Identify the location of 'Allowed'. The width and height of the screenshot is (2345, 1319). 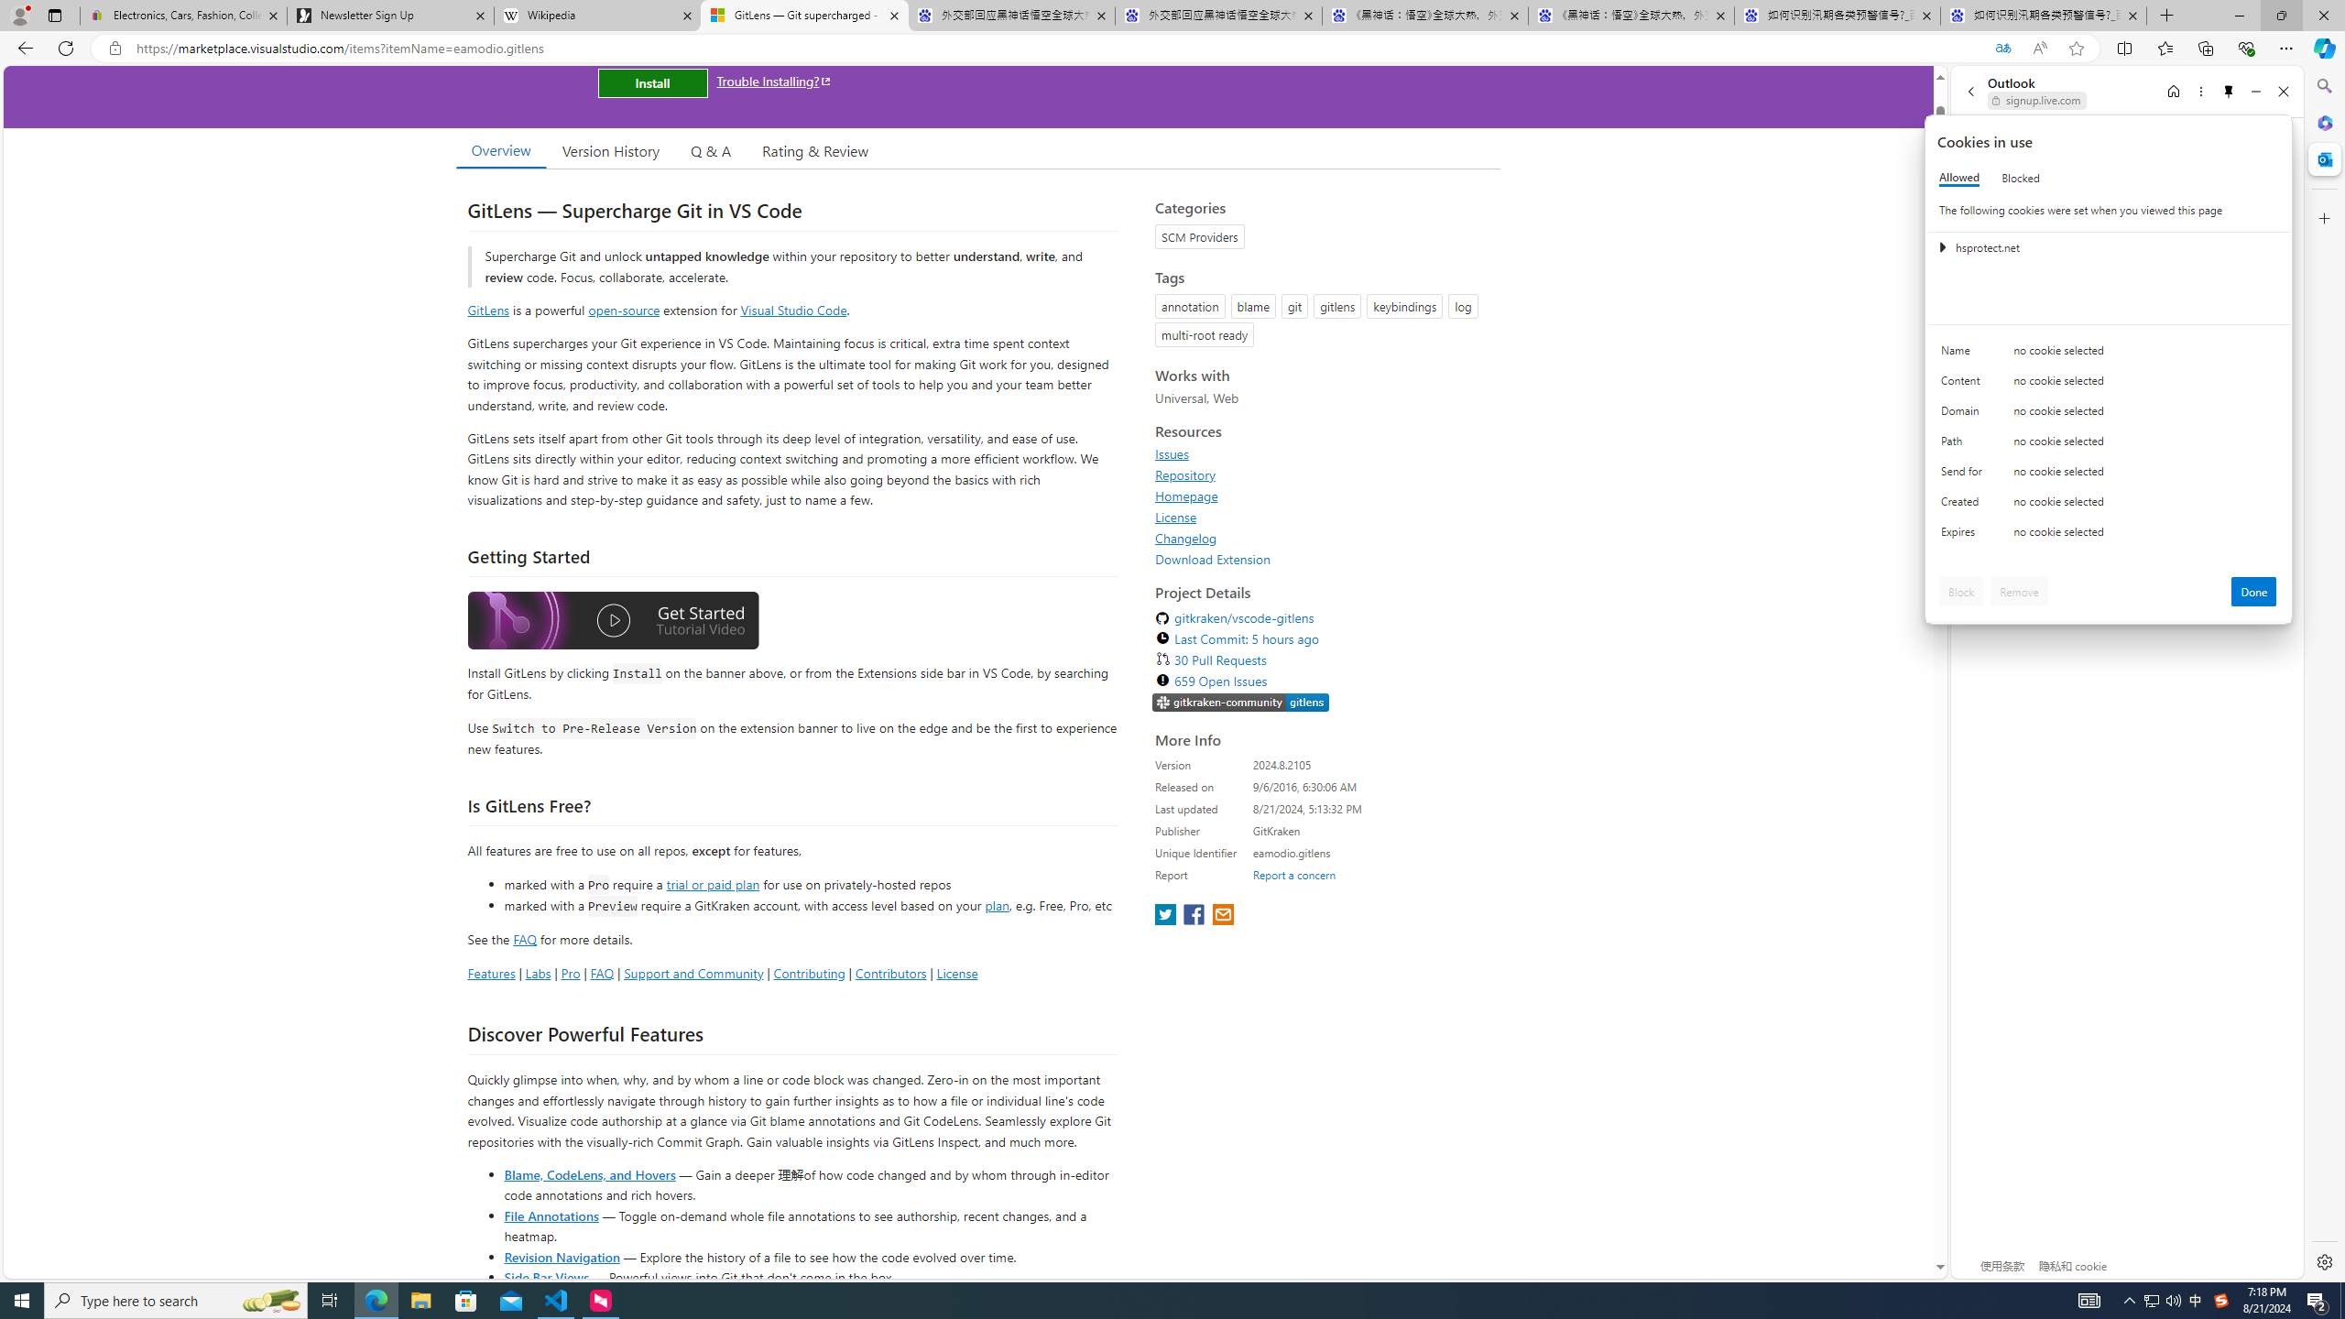
(1958, 178).